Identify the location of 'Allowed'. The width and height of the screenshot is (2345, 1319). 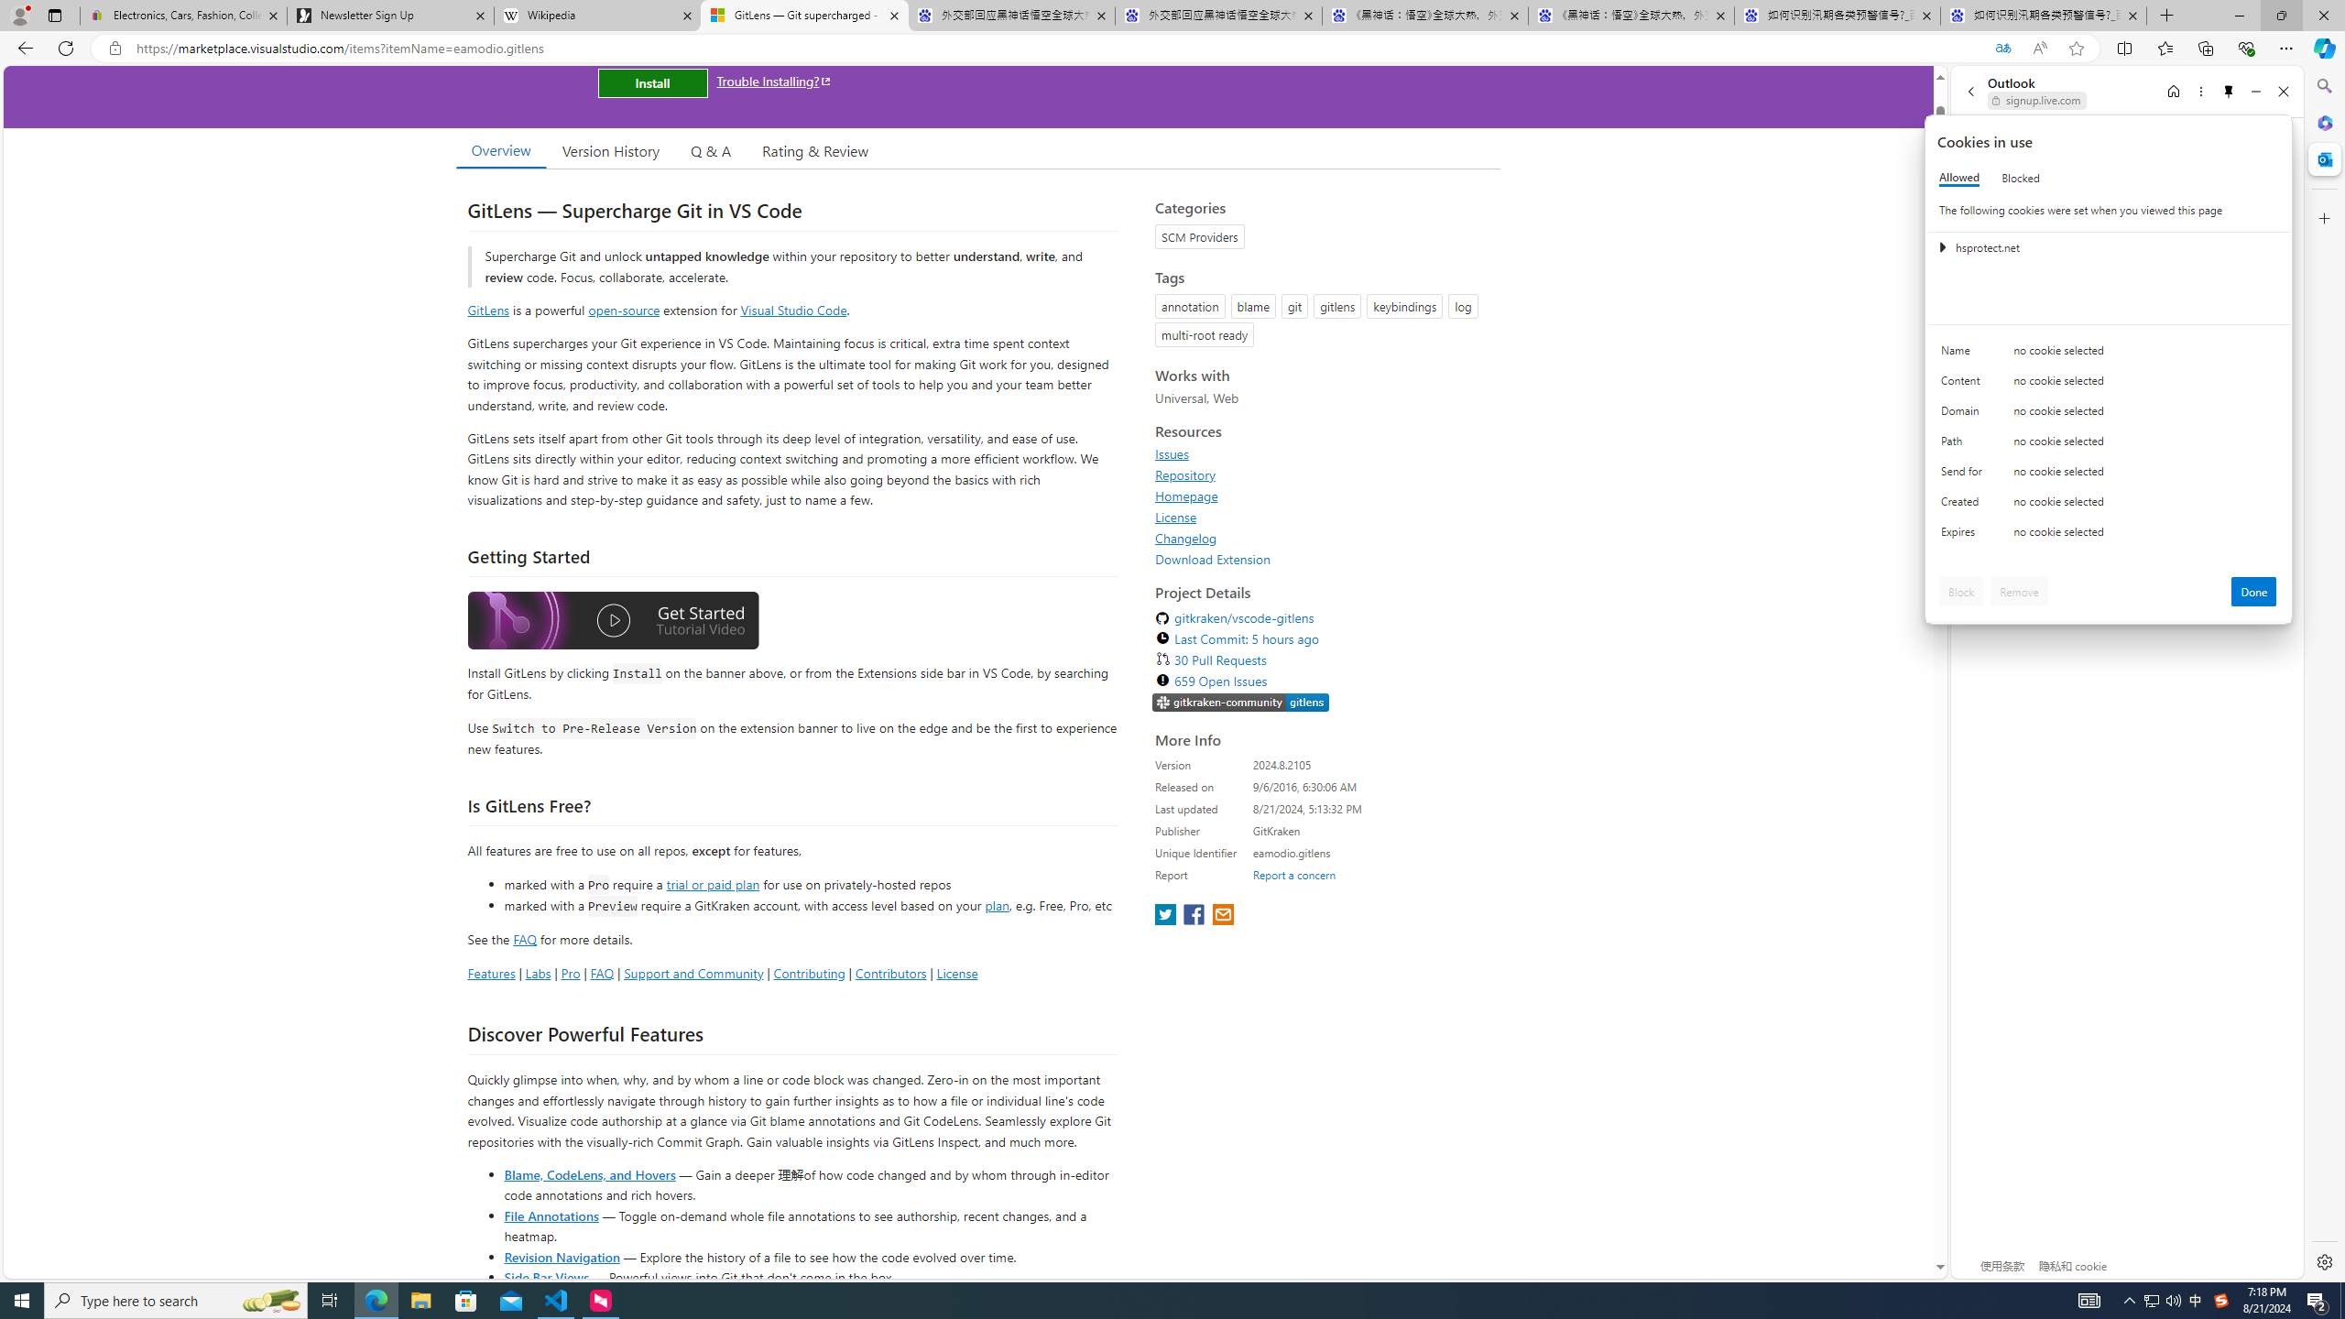
(1958, 178).